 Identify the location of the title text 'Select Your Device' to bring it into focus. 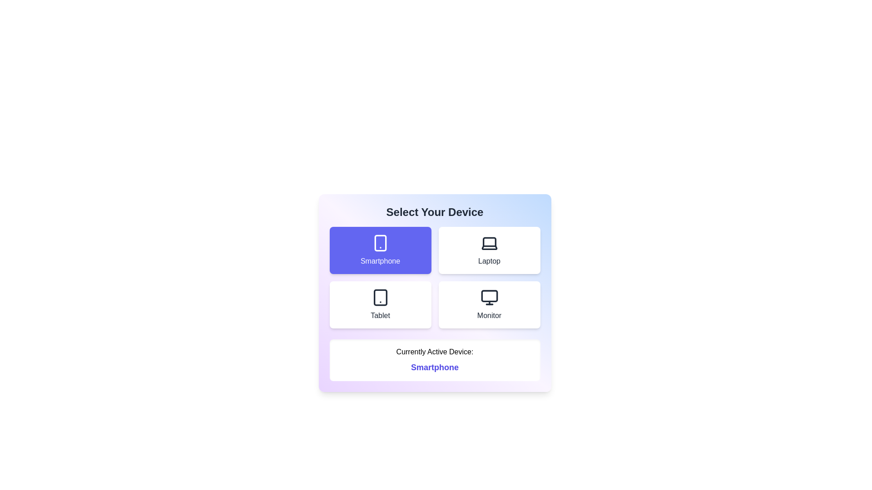
(434, 212).